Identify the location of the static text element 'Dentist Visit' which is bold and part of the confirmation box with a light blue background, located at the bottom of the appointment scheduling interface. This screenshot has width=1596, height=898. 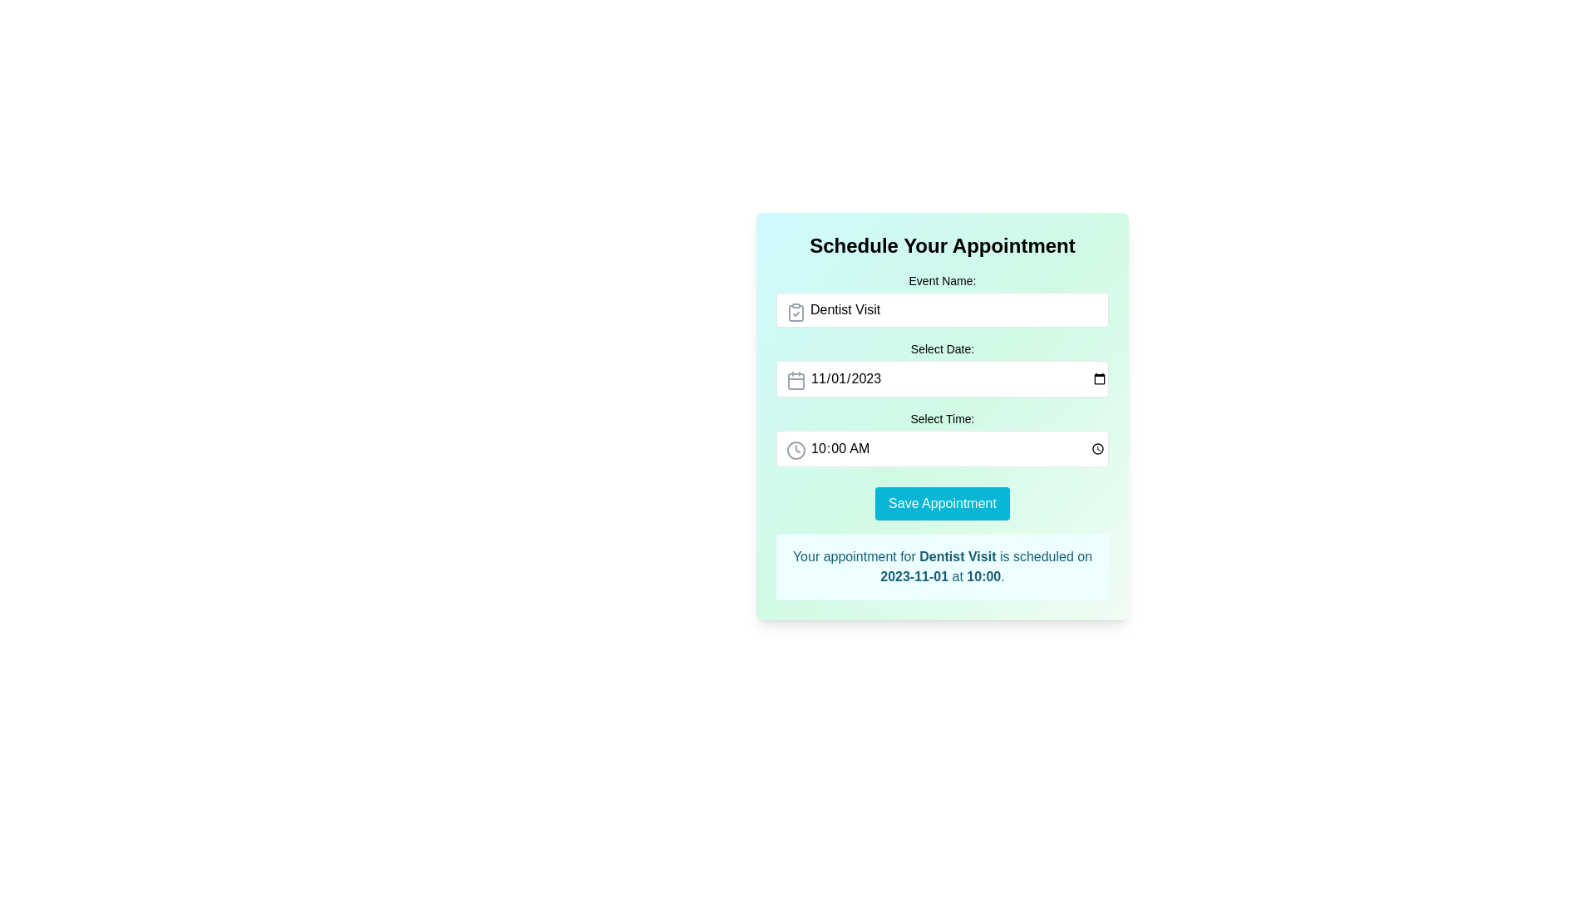
(958, 556).